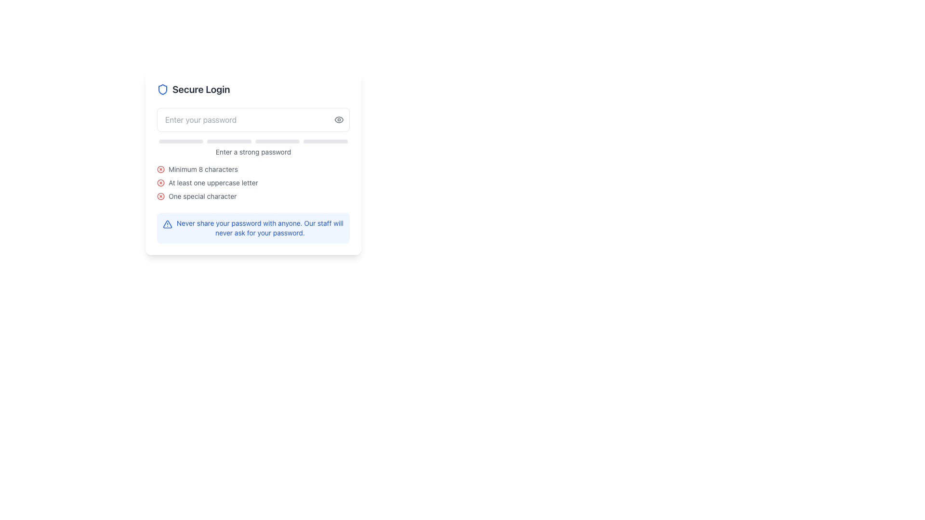 This screenshot has width=925, height=520. What do you see at coordinates (326, 141) in the screenshot?
I see `the rightmost visual feedback bar, which is a thin, rectangular bar with rounded edges and light grey color, located in the 'Enter a strong password' section` at bounding box center [326, 141].